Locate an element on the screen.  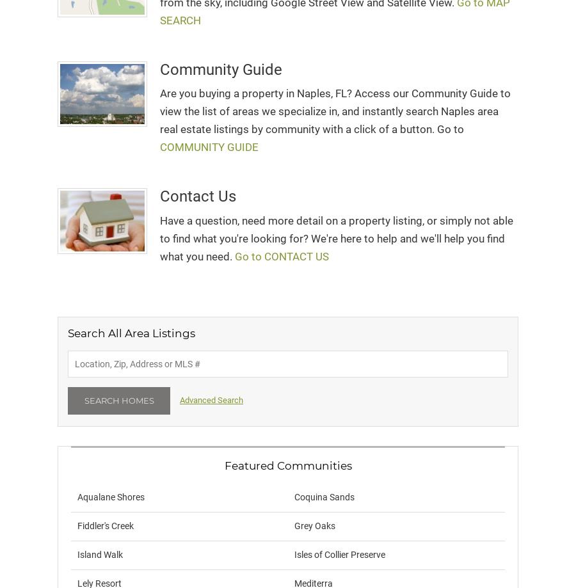
'COMMUNITY GUIDE' is located at coordinates (208, 147).